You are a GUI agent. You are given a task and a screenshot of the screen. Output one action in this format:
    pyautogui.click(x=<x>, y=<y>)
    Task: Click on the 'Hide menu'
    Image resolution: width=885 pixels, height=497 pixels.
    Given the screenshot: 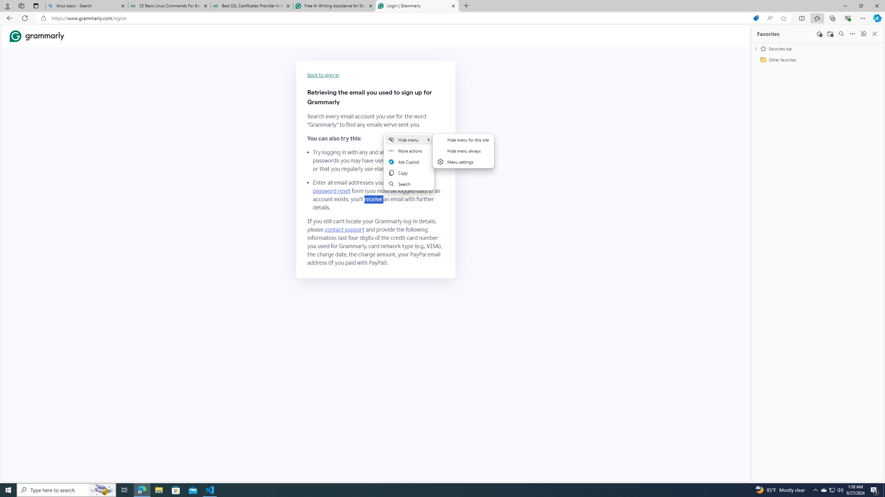 What is the action you would take?
    pyautogui.click(x=409, y=139)
    